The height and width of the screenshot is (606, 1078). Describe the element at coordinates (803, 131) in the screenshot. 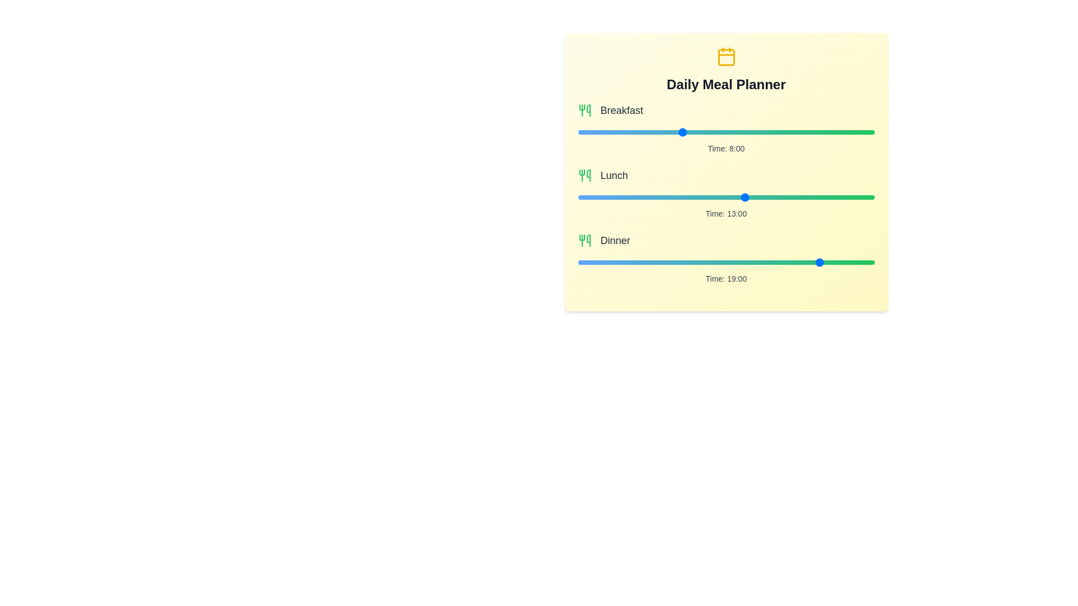

I see `the 0 slider to 6 hours` at that location.